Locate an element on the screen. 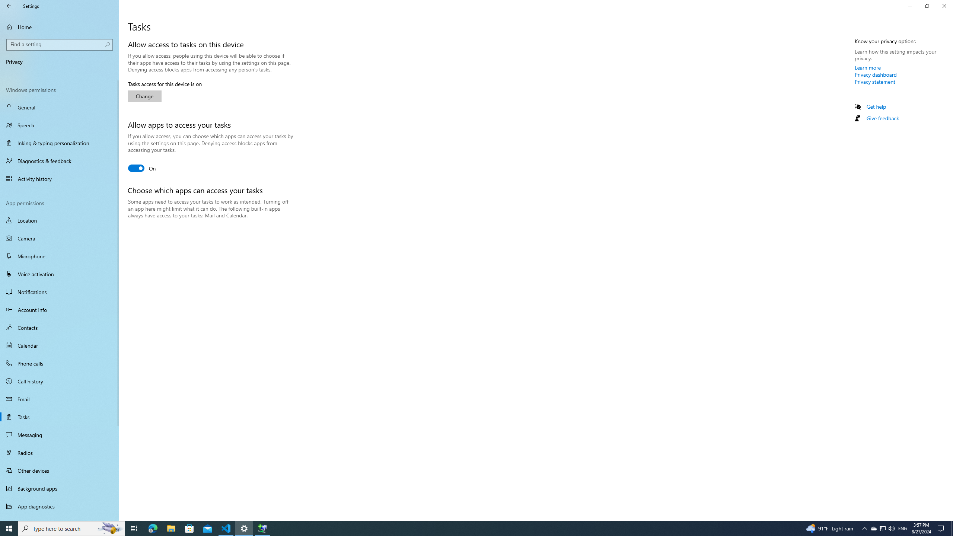 The width and height of the screenshot is (953, 536). 'Search box, Find a setting' is located at coordinates (60, 44).